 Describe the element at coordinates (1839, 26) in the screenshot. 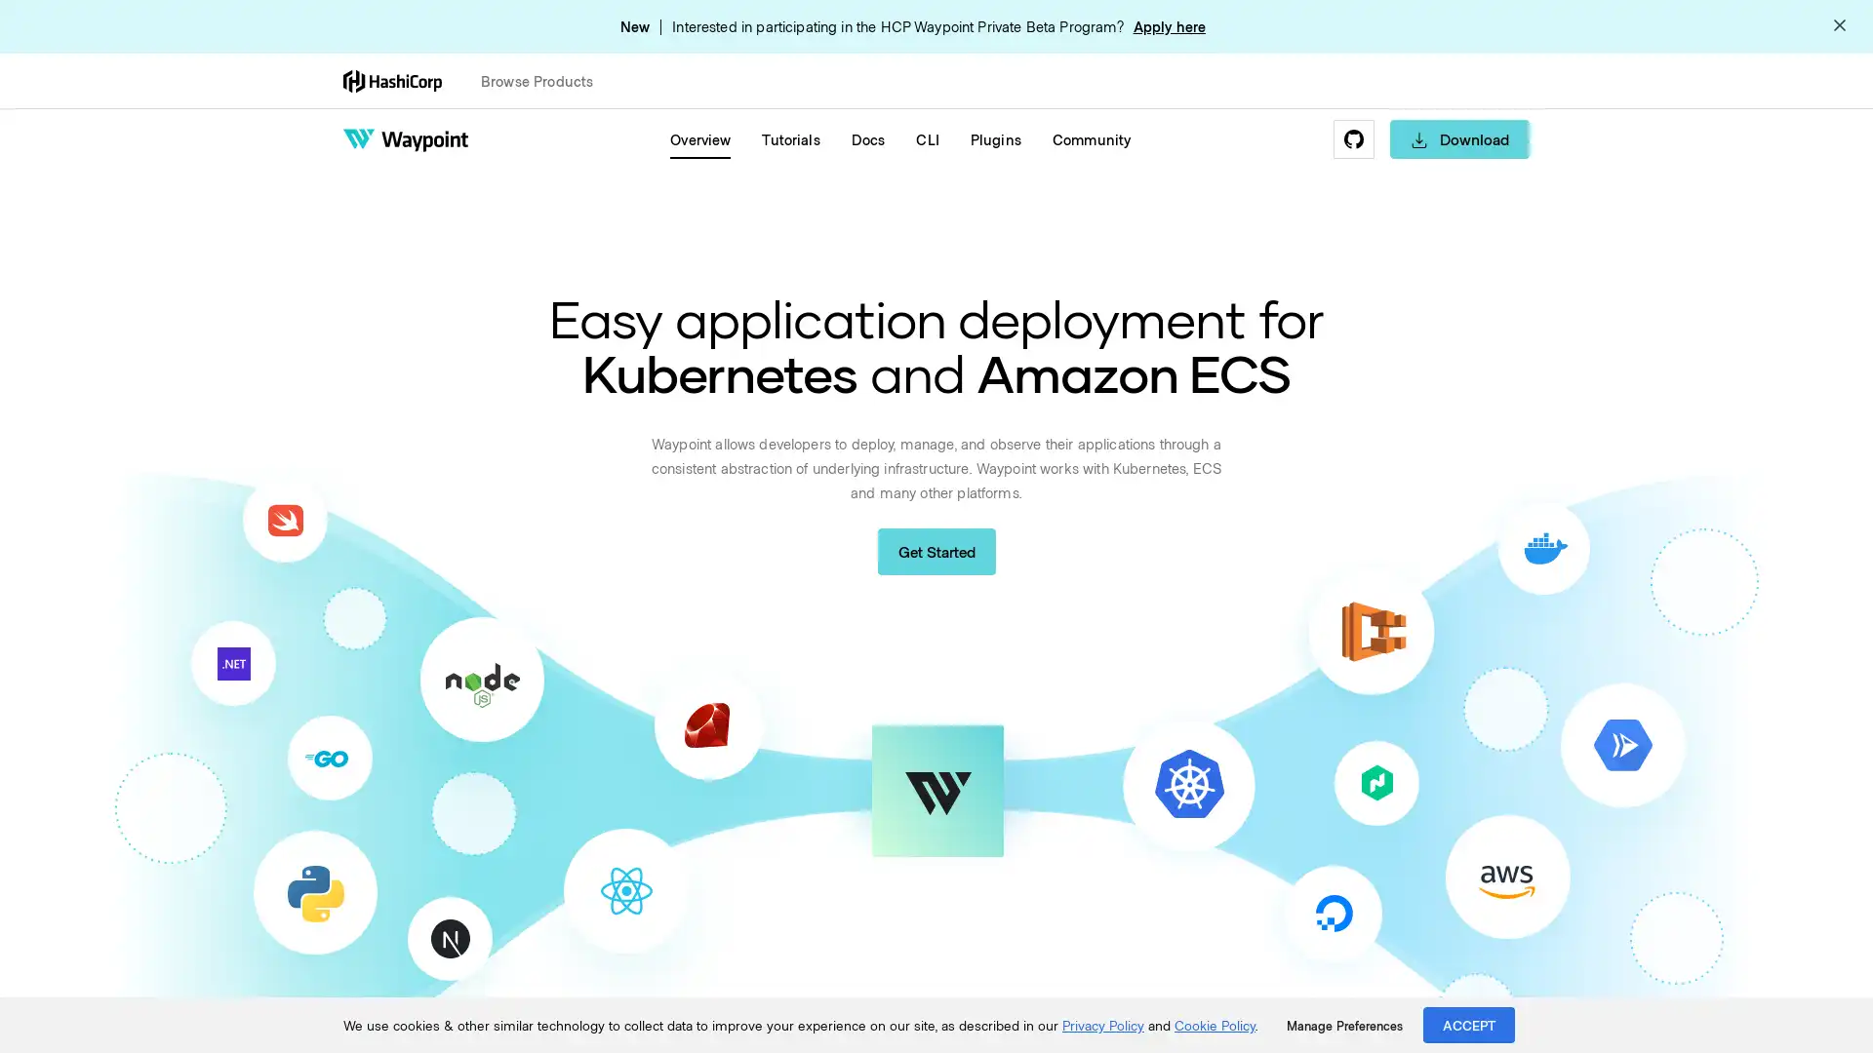

I see `Dismiss alert` at that location.